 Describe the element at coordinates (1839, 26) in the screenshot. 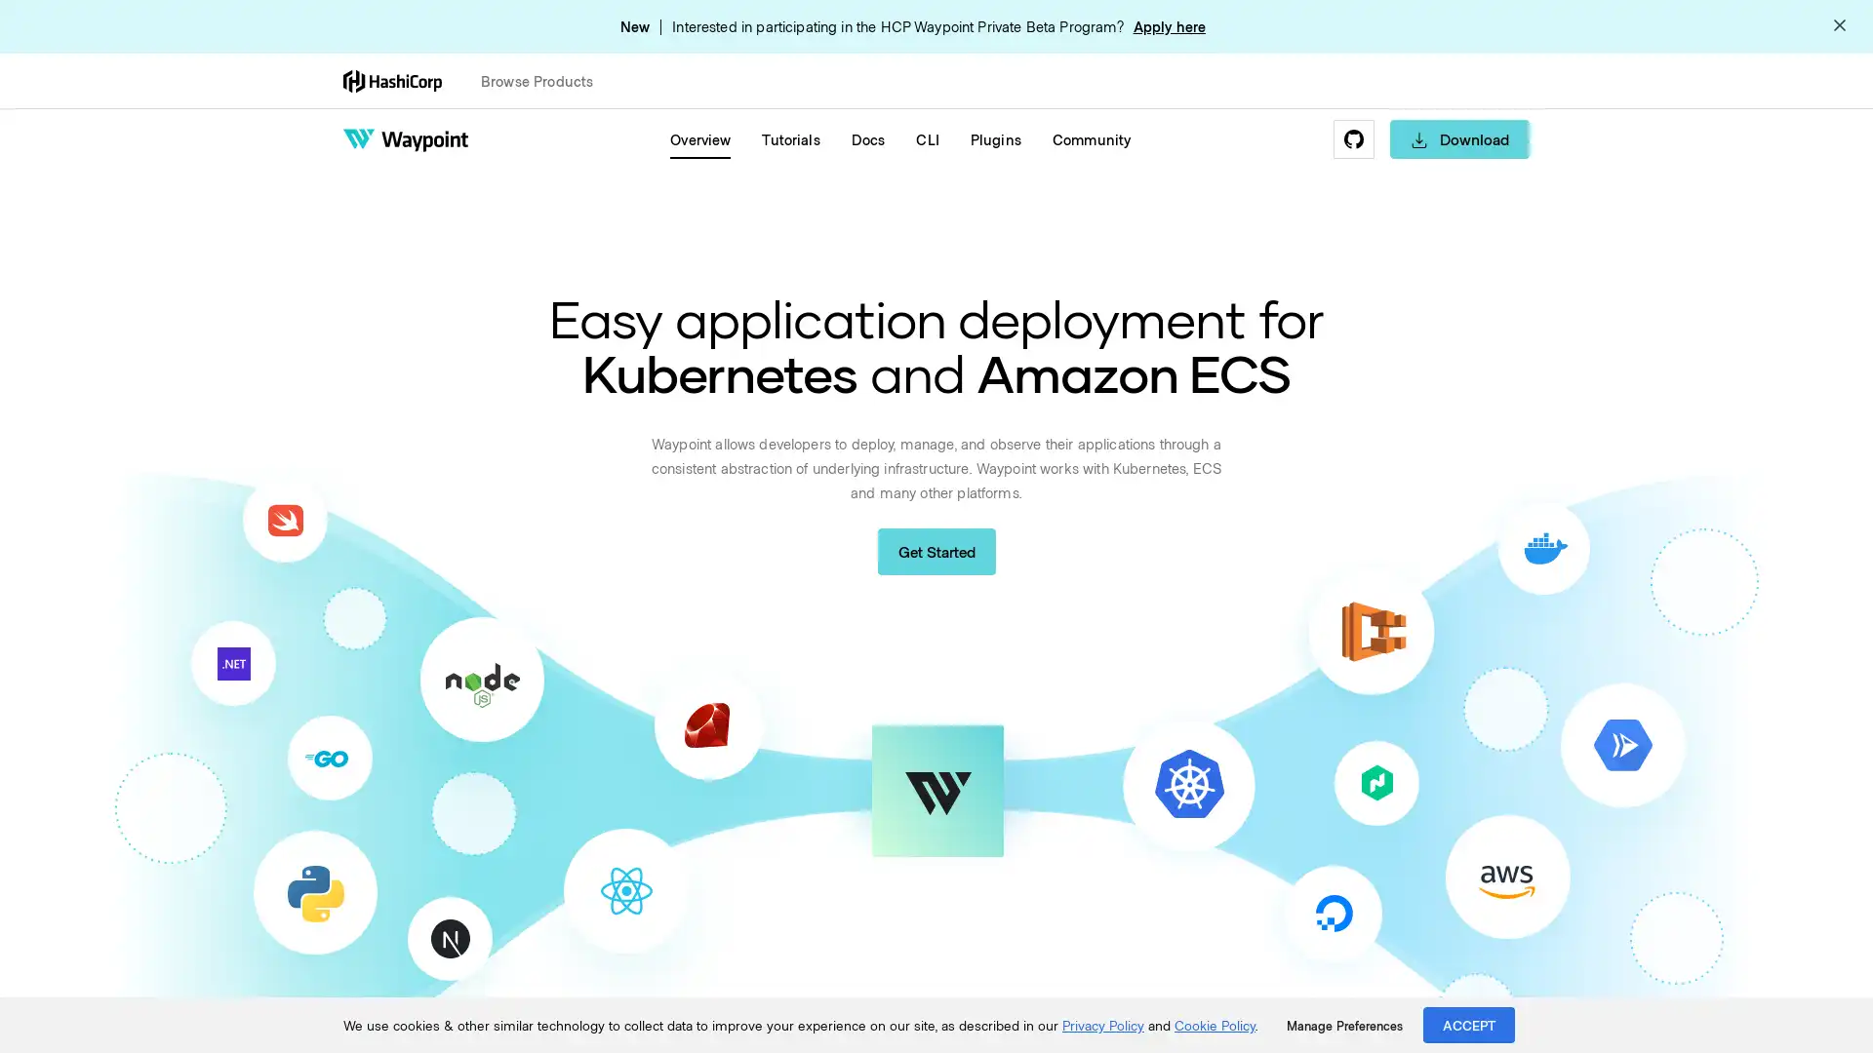

I see `Dismiss alert` at that location.